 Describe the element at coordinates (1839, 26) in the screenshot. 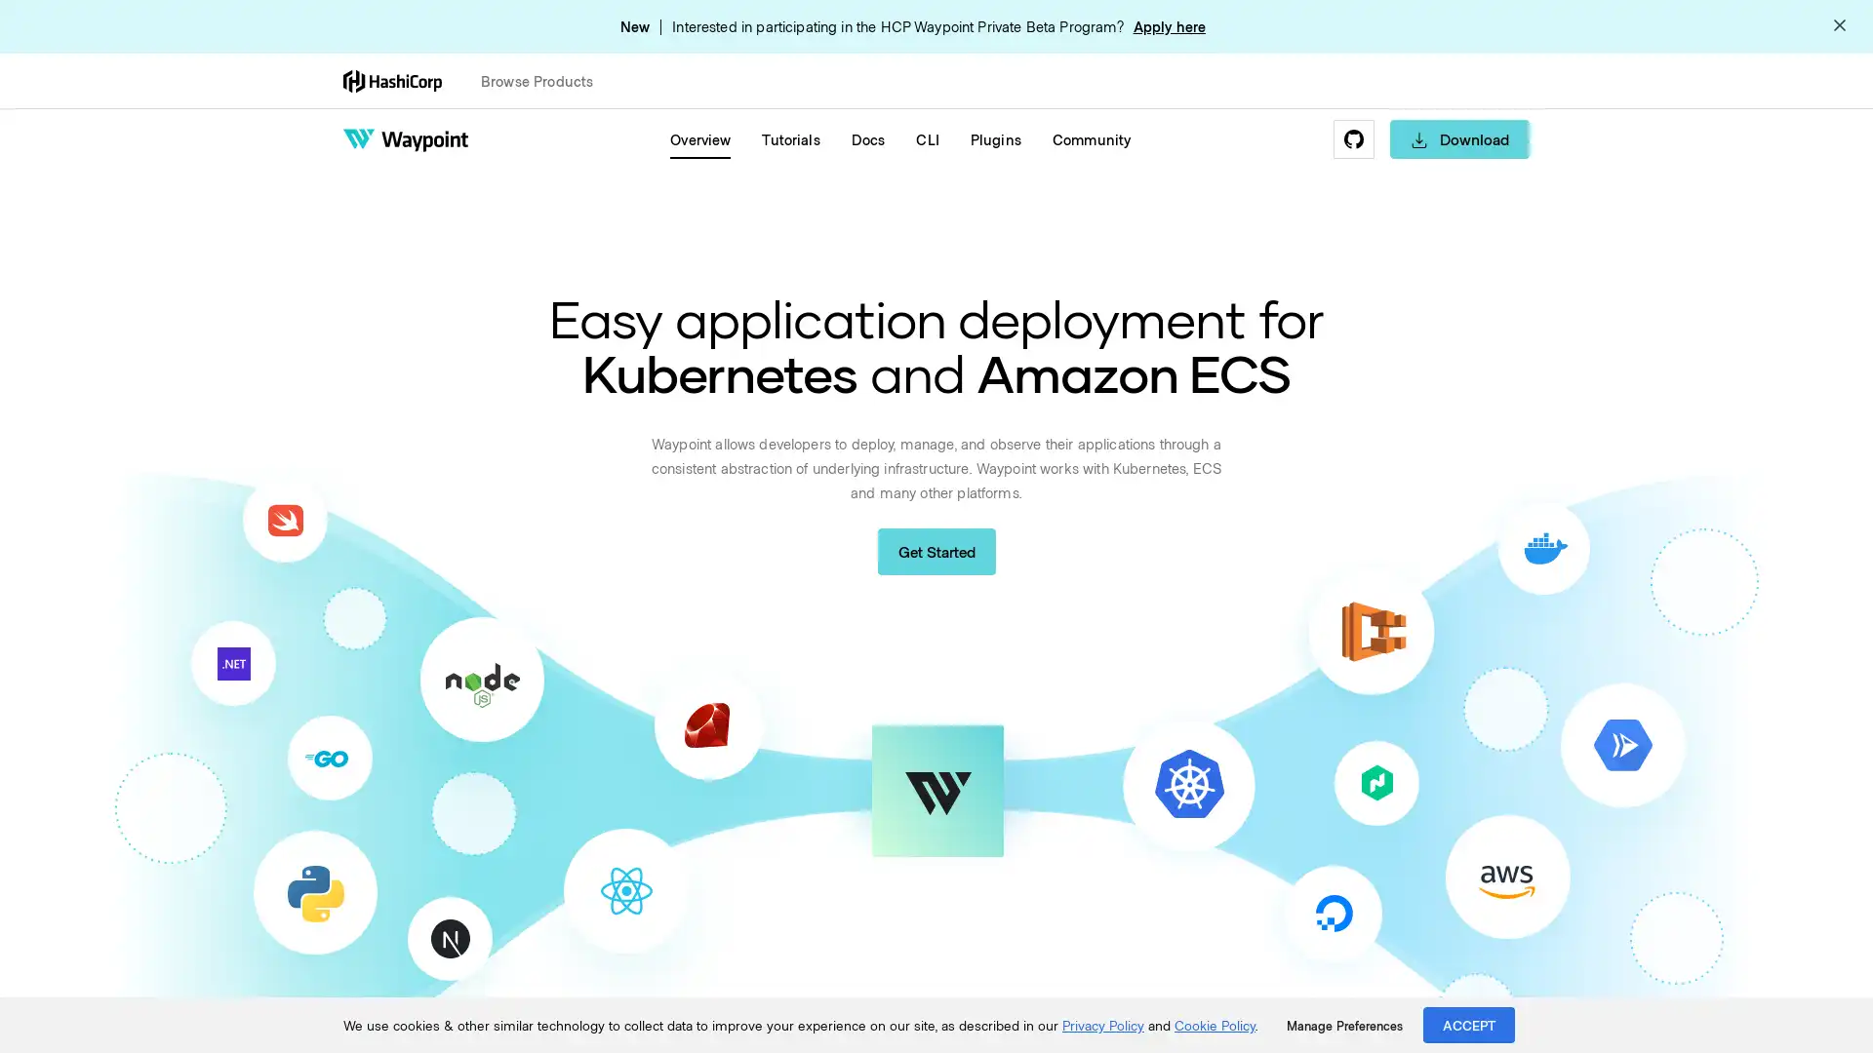

I see `Dismiss alert` at that location.